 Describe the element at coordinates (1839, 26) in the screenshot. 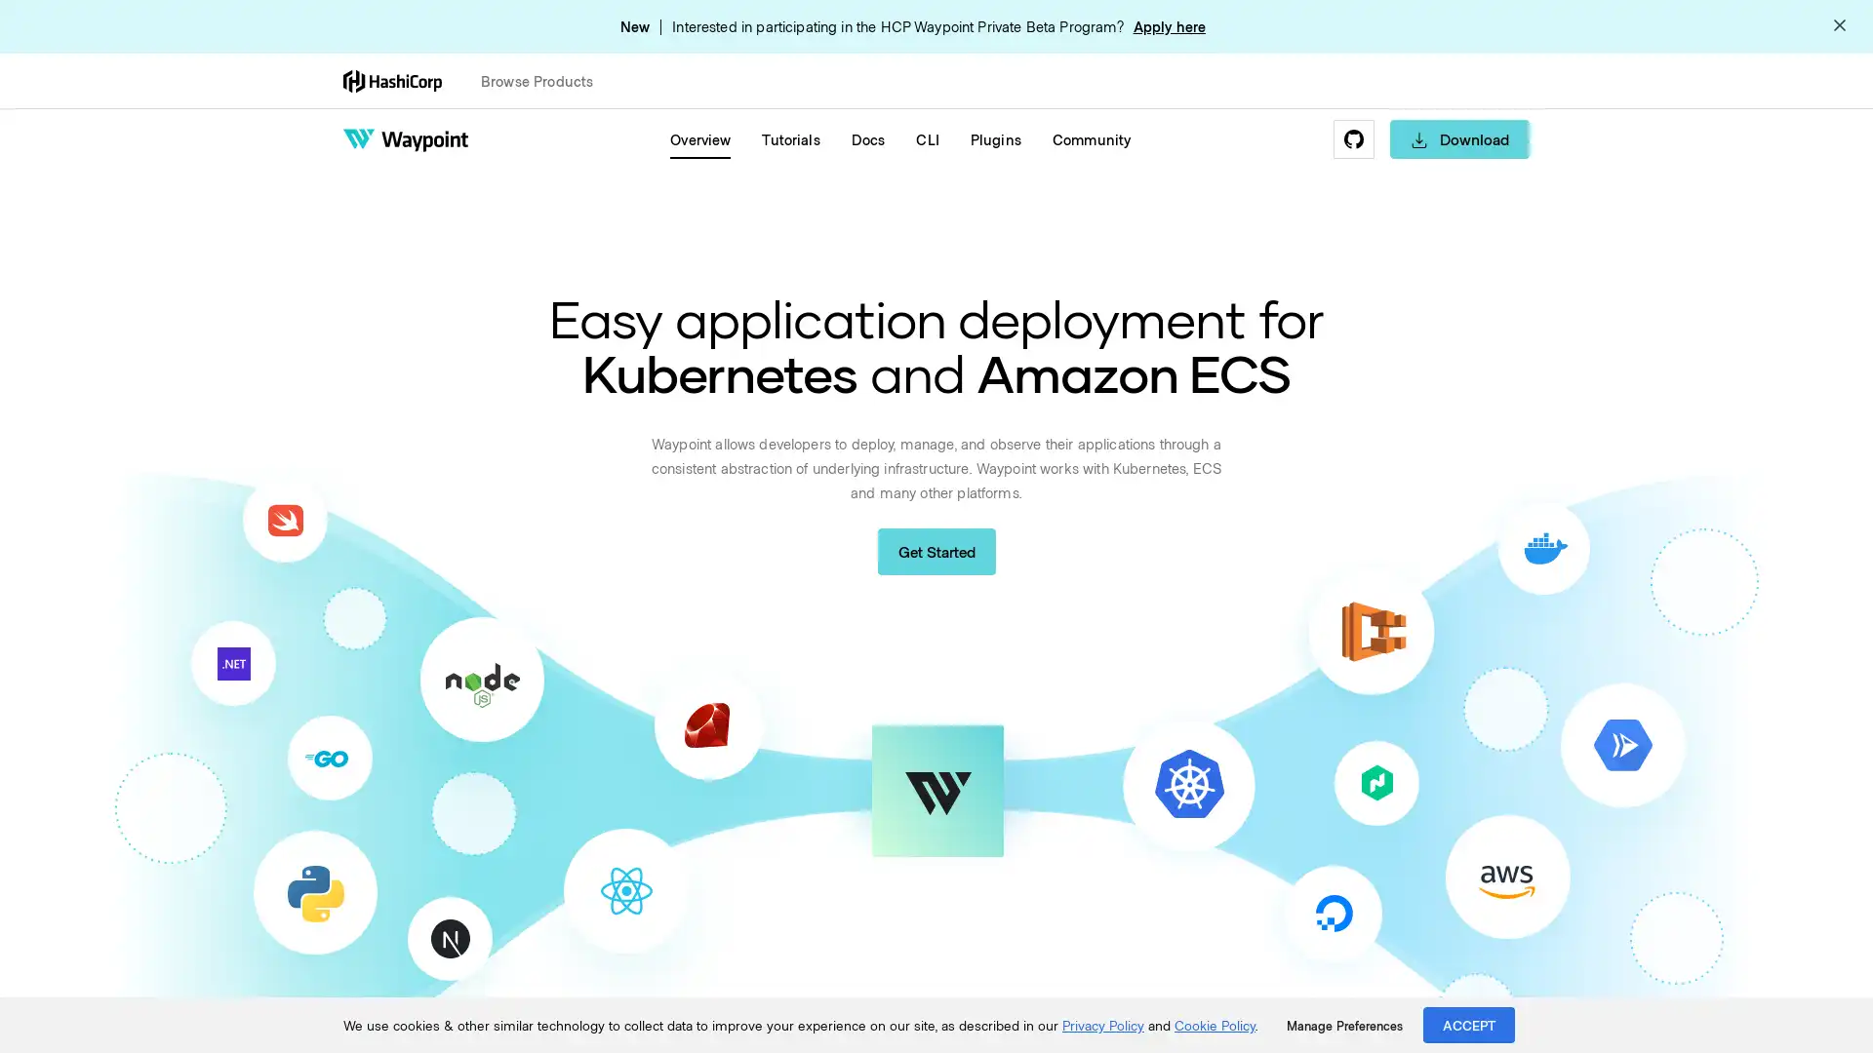

I see `Dismiss alert` at that location.